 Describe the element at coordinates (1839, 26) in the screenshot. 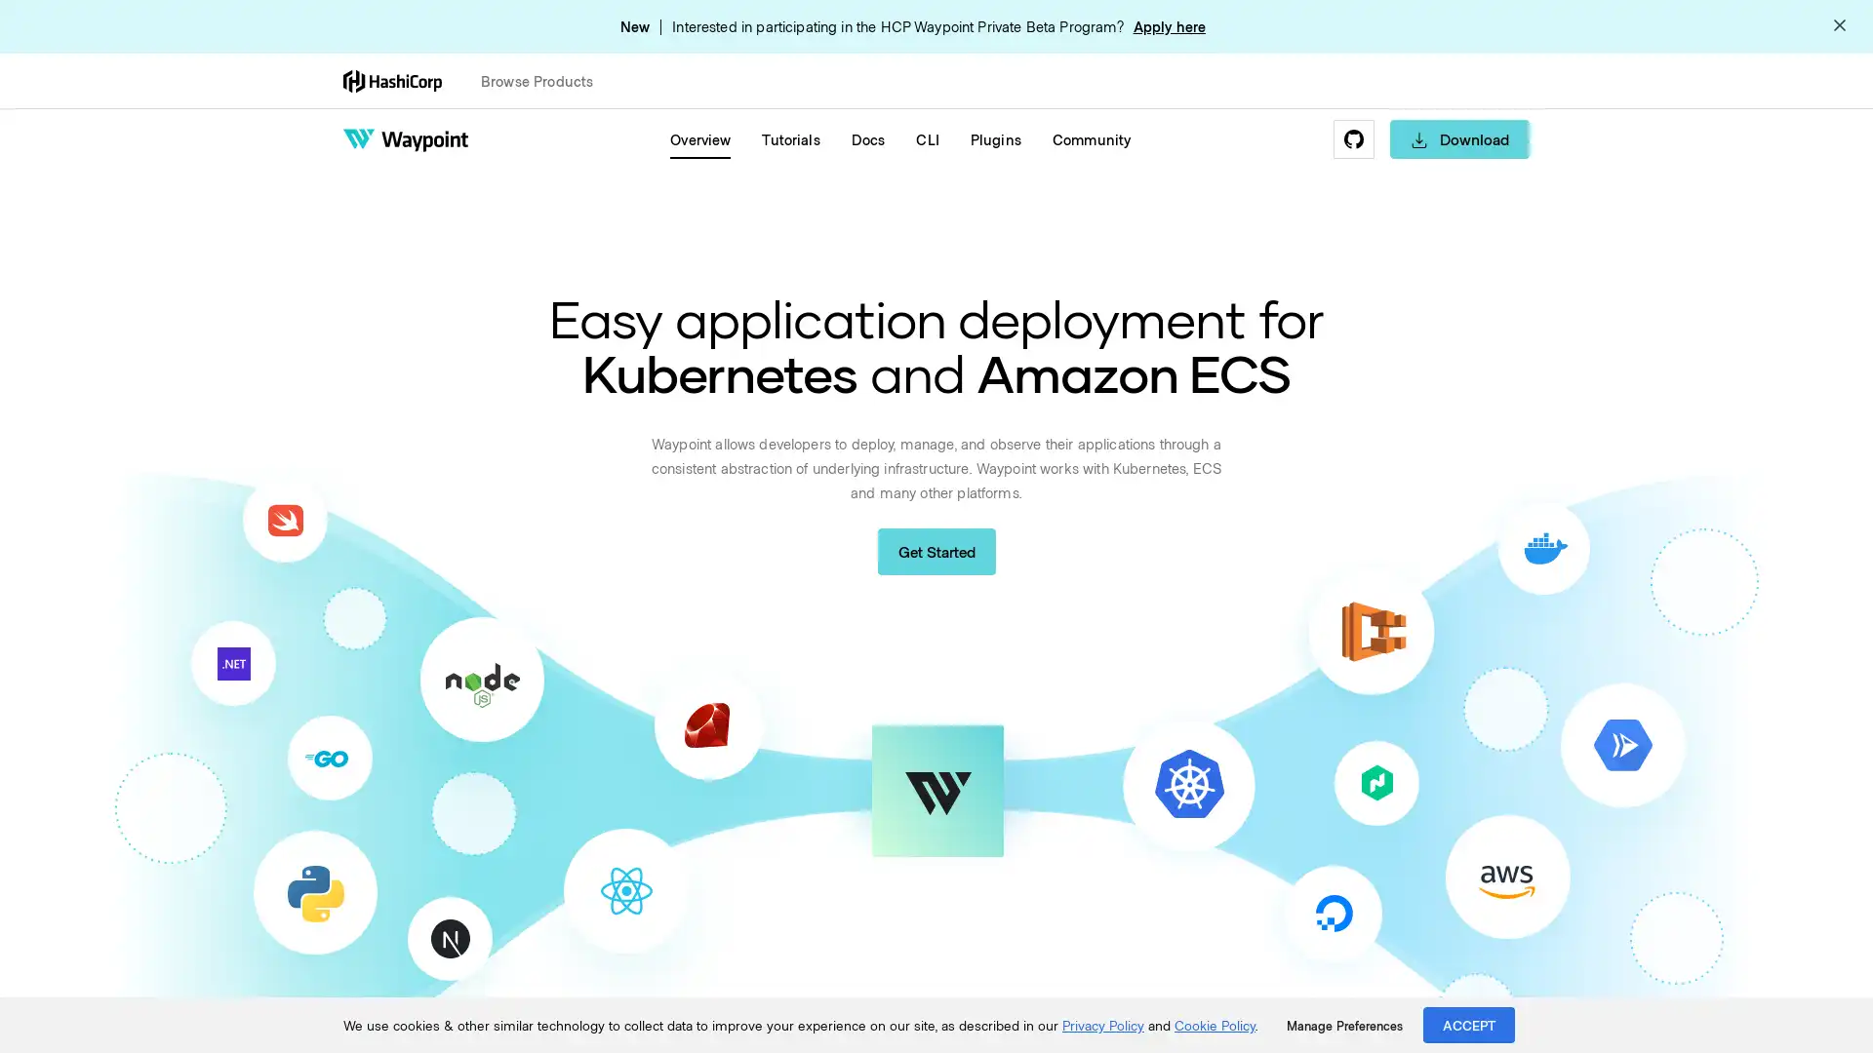

I see `Dismiss alert` at that location.